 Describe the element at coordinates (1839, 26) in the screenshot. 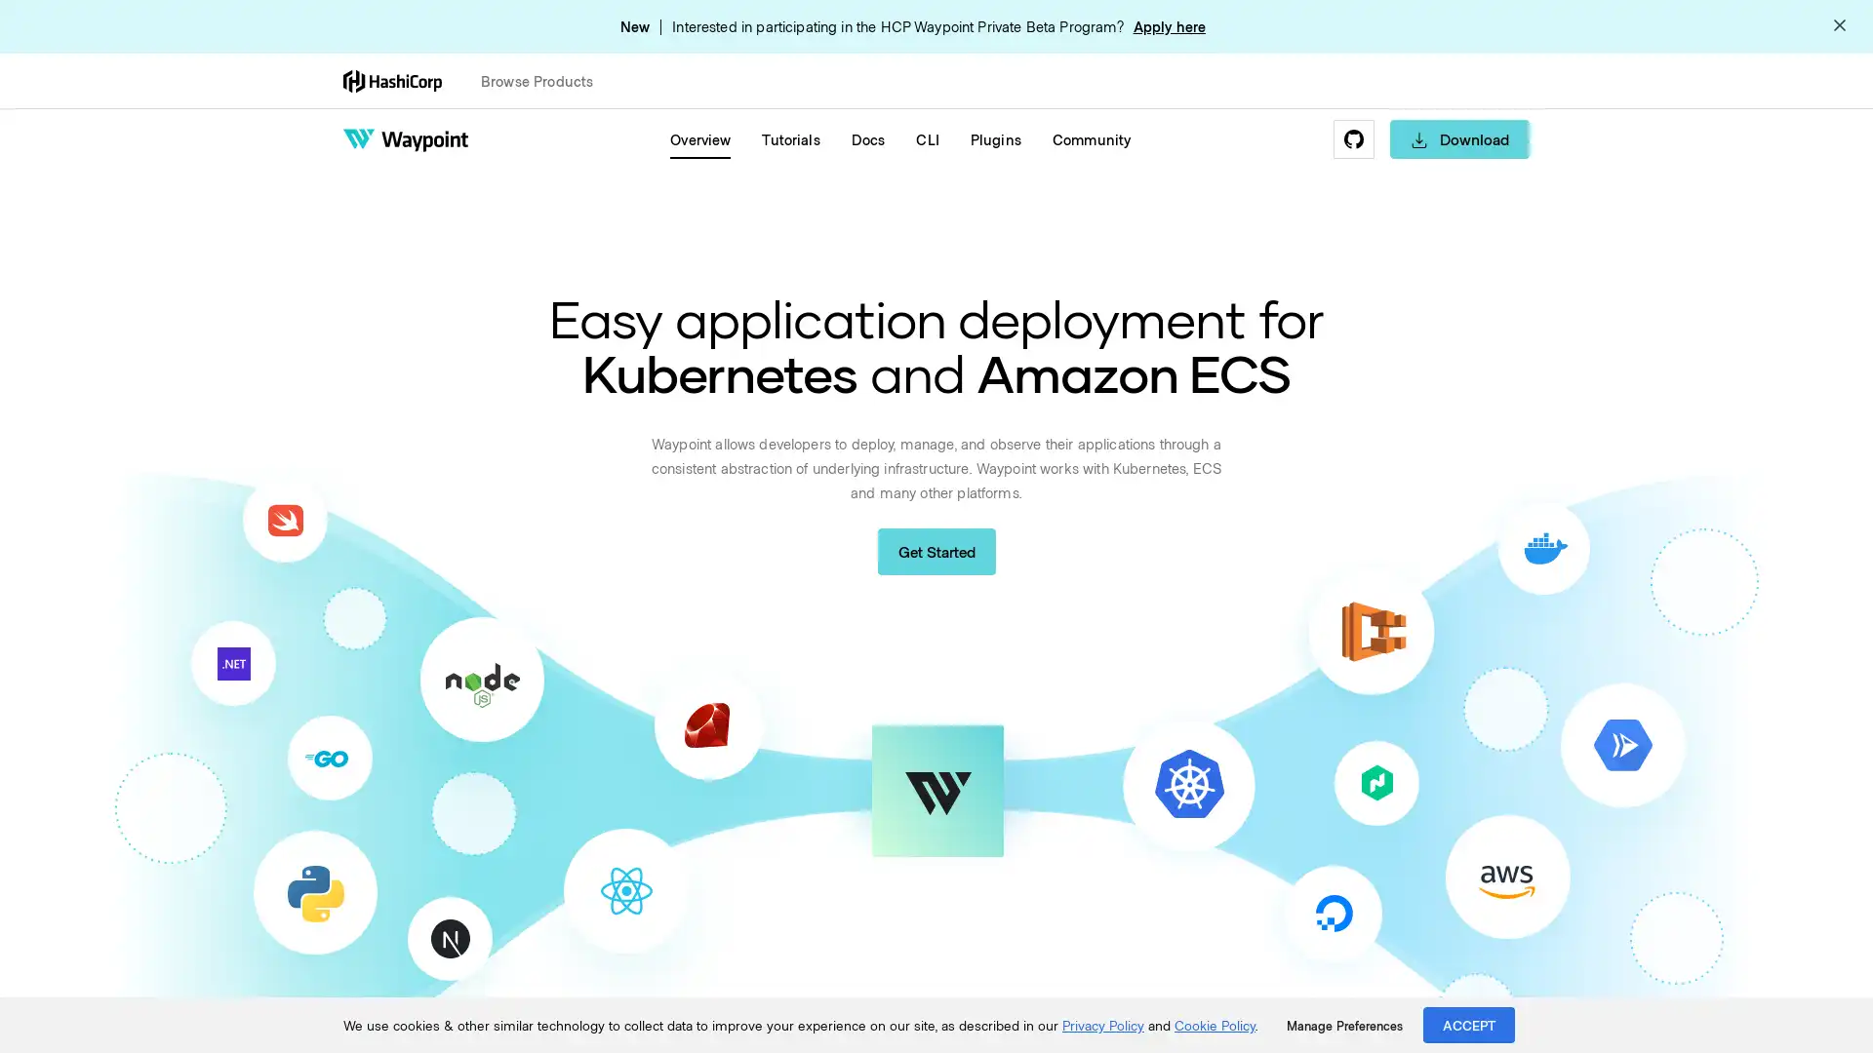

I see `Dismiss alert` at that location.